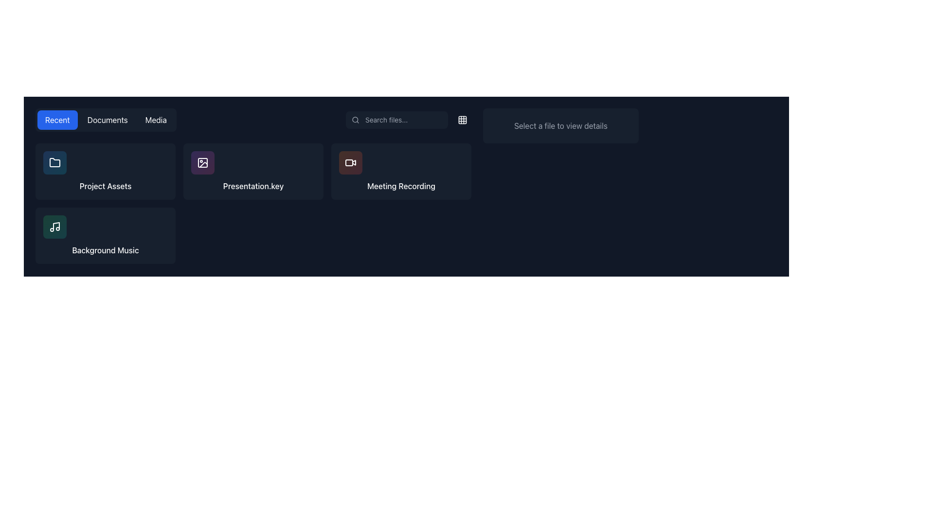 This screenshot has height=525, width=934. Describe the element at coordinates (350, 162) in the screenshot. I see `the square-shaped button with rounded edges that features a white video camera icon in the center, located under the 'Meeting Recording' section as the third item in the layout` at that location.